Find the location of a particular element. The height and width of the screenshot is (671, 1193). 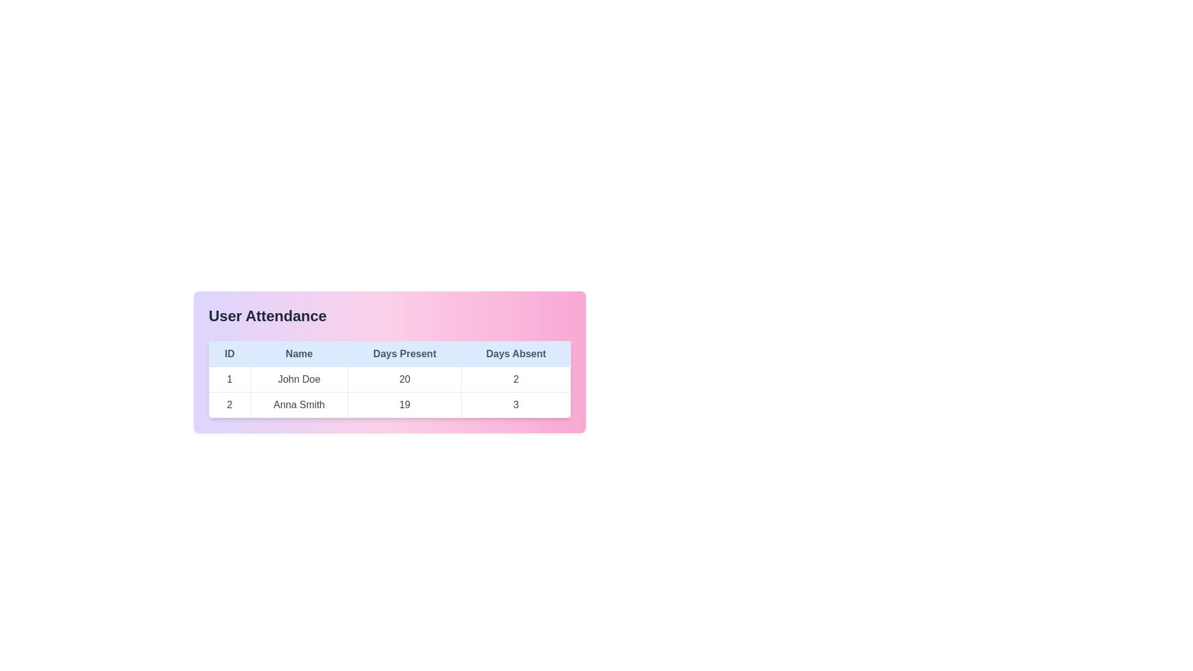

the text label displaying the identification number in the second row of the attendance table, located in the 'ID' column is located at coordinates (229, 404).